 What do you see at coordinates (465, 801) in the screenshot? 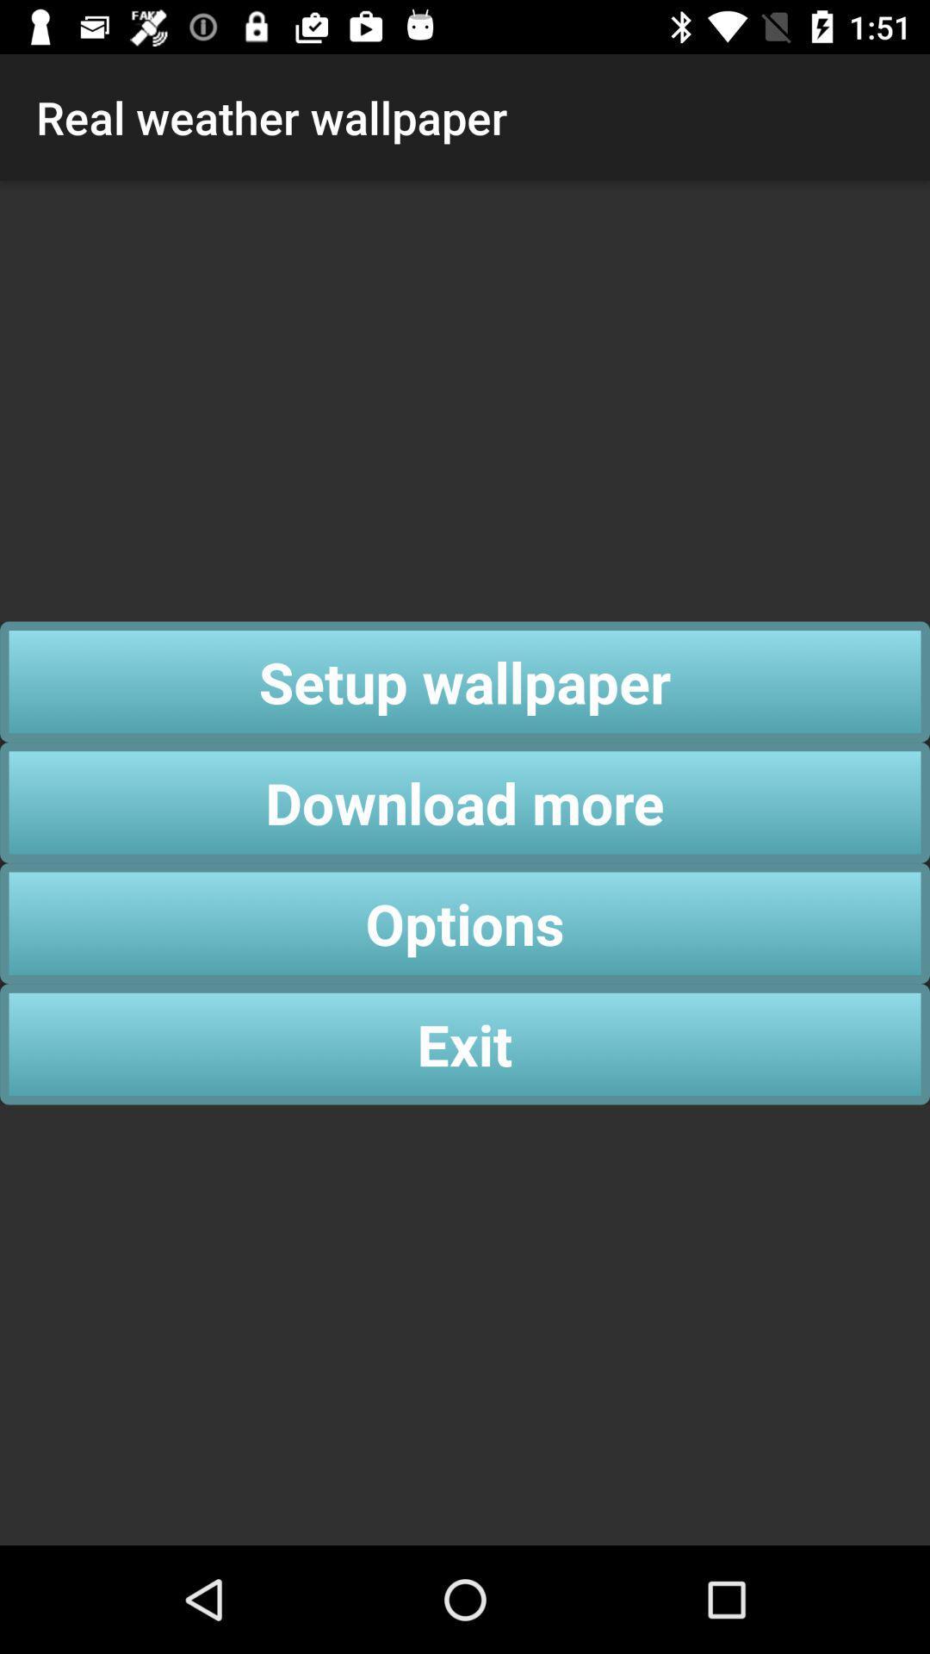
I see `the item below the setup wallpaper icon` at bounding box center [465, 801].